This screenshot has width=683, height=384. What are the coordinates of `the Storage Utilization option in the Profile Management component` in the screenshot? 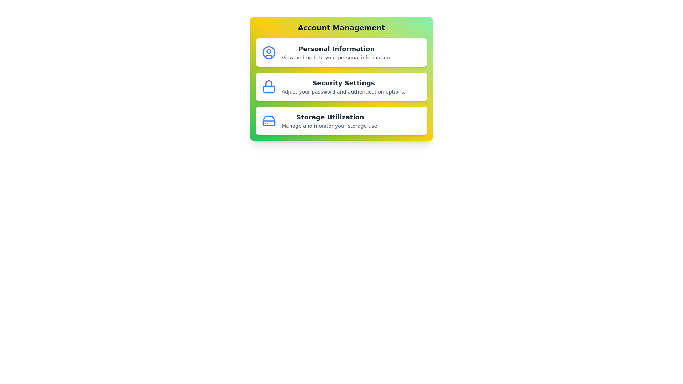 It's located at (341, 120).